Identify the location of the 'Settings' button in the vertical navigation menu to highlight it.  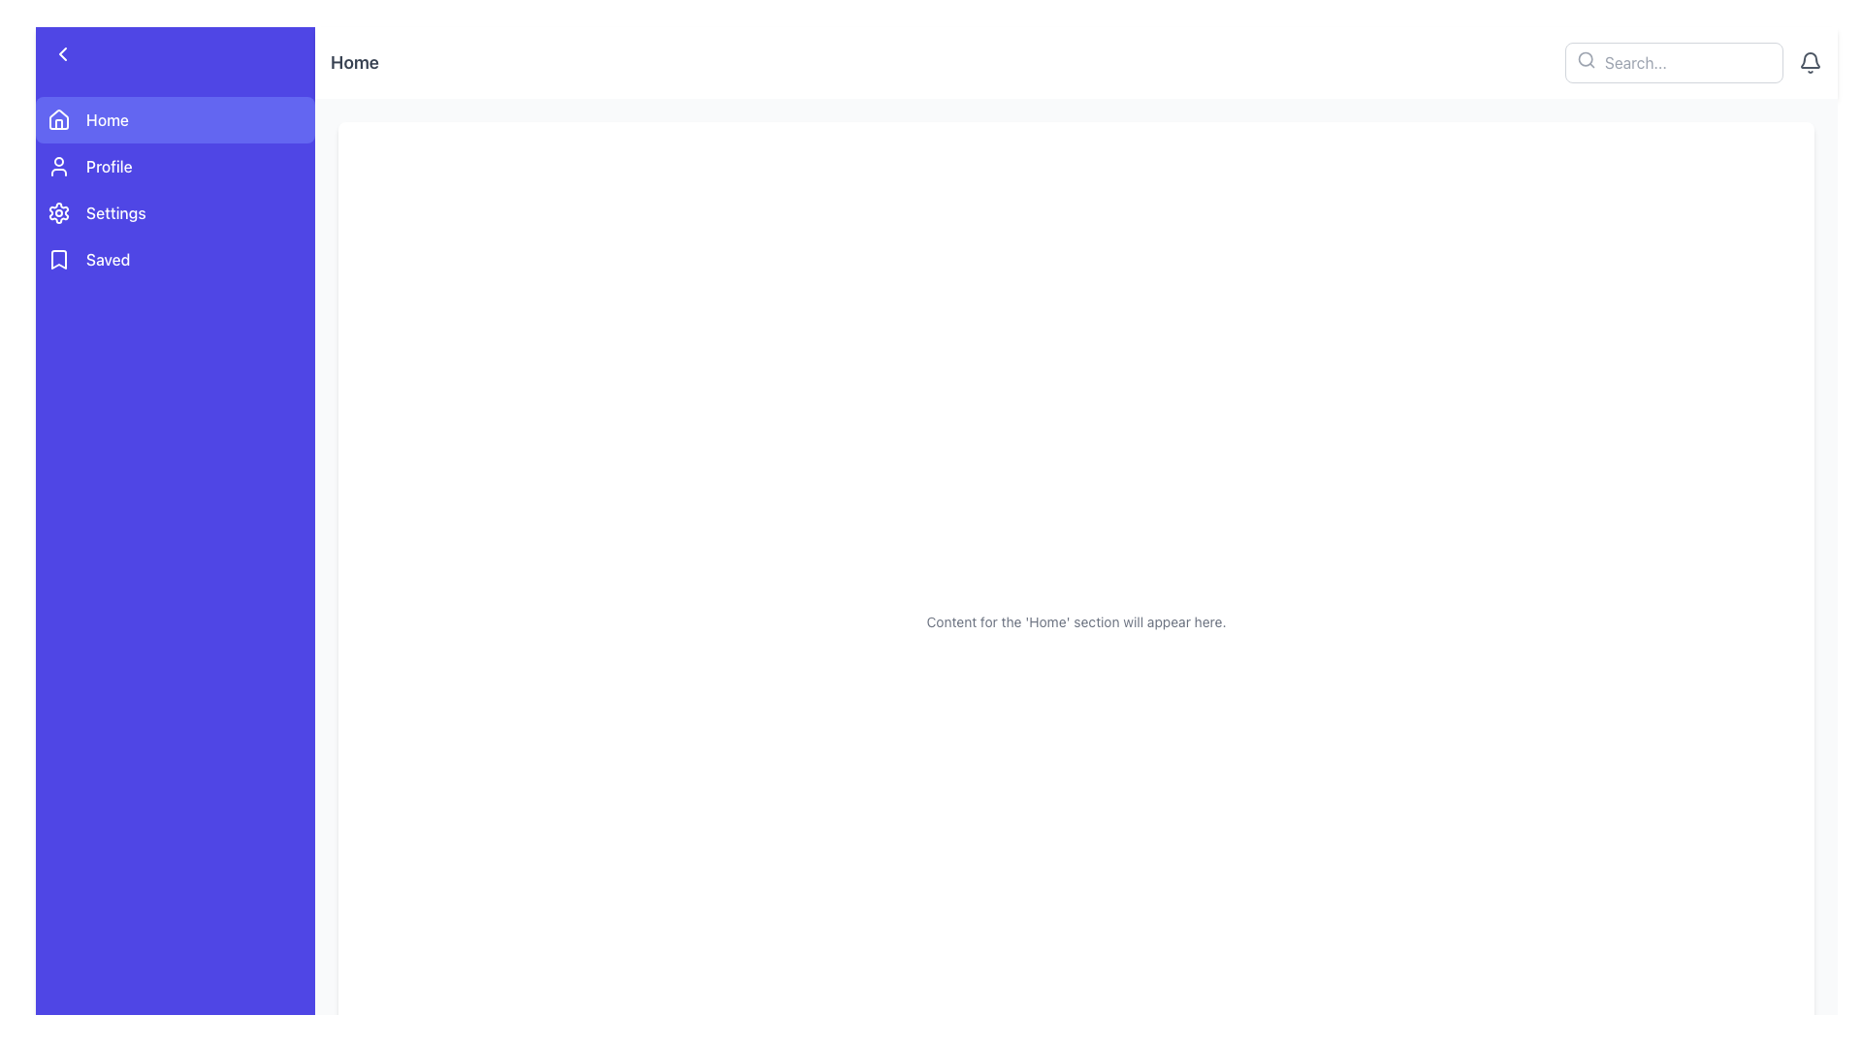
(176, 212).